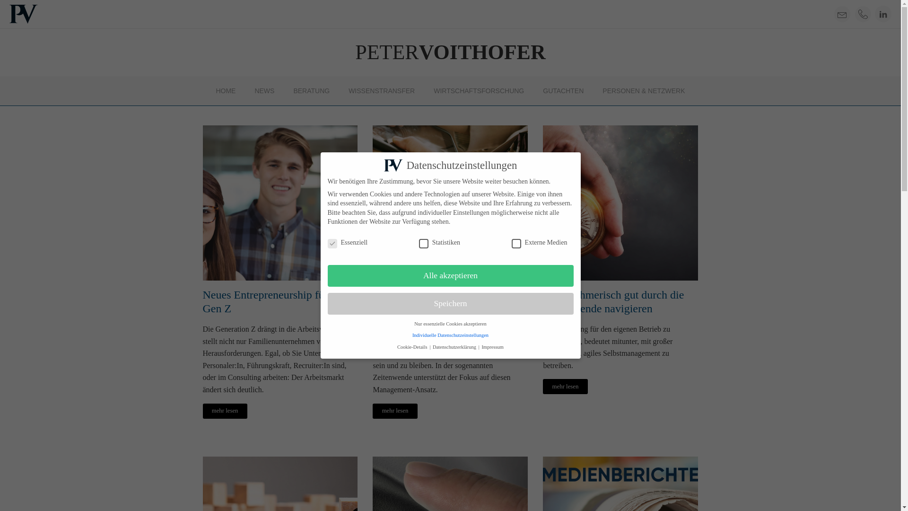 The width and height of the screenshot is (908, 511). Describe the element at coordinates (413, 347) in the screenshot. I see `'Cookie-Details'` at that location.